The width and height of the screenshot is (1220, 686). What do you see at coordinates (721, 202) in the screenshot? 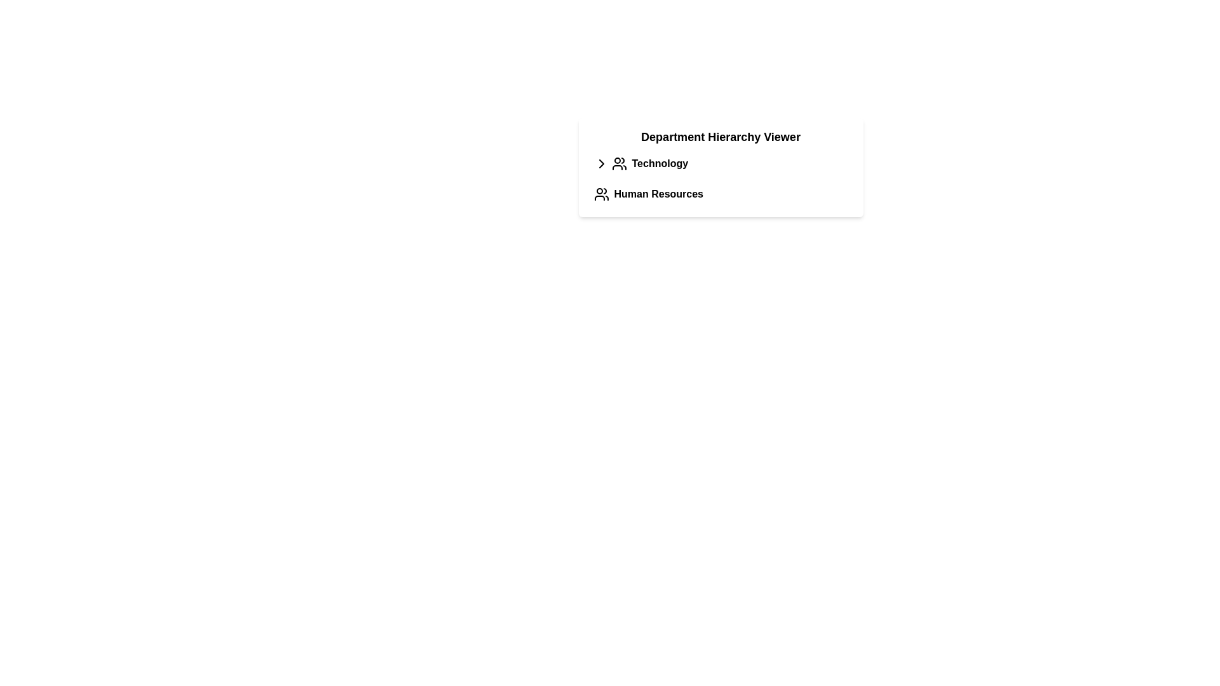
I see `the 'Human Resources' entry in the Department Hierarchy Viewer panel` at bounding box center [721, 202].